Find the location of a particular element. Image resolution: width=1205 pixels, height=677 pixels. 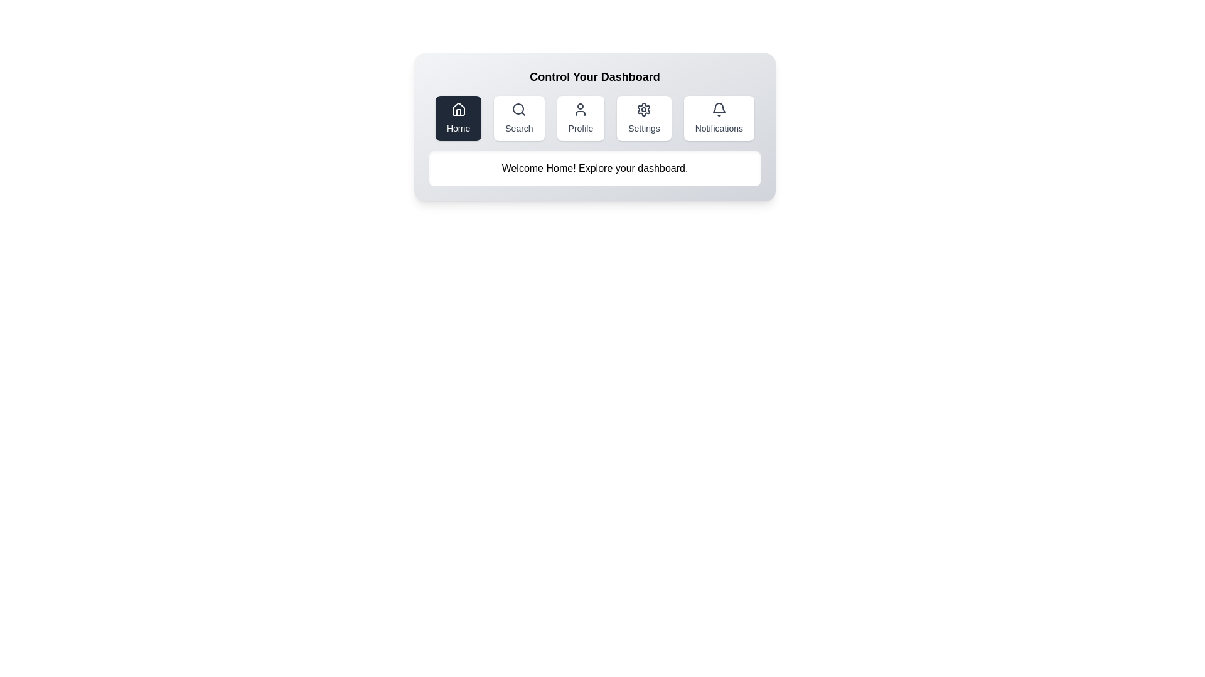

the visual representation of the home icon located within the 'Home' navigation button at the top of the application is located at coordinates (458, 108).